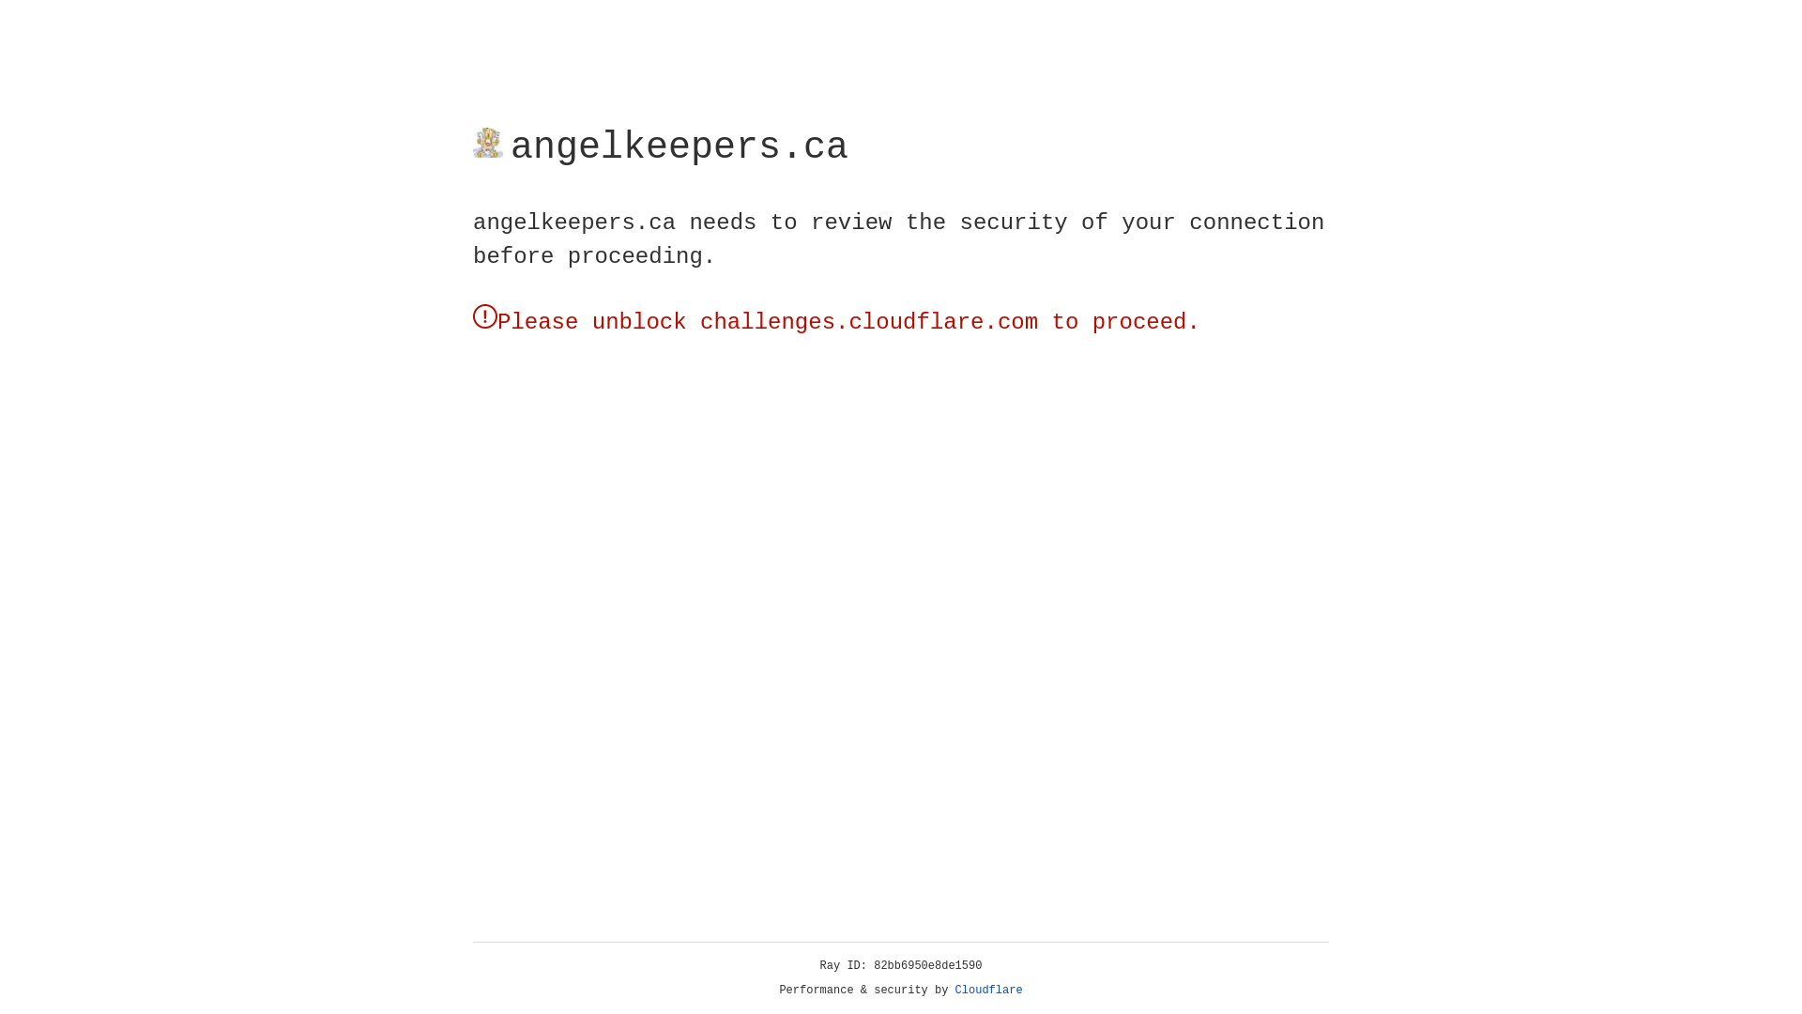 This screenshot has height=1014, width=1802. Describe the element at coordinates (988, 990) in the screenshot. I see `'Cloudflare'` at that location.